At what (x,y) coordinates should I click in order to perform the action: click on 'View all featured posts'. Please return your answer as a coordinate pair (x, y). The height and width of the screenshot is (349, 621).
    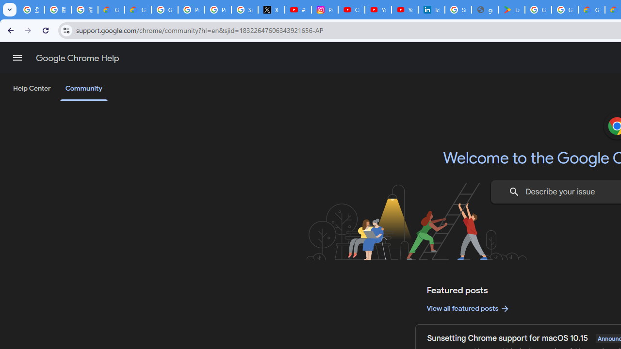
    Looking at the image, I should click on (468, 308).